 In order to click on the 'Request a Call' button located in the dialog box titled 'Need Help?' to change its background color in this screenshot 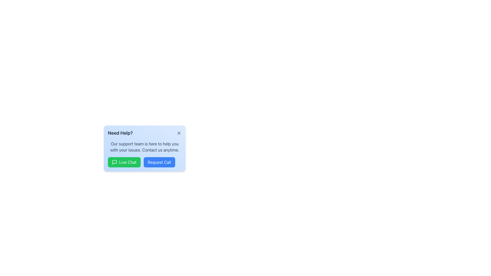, I will do `click(159, 162)`.